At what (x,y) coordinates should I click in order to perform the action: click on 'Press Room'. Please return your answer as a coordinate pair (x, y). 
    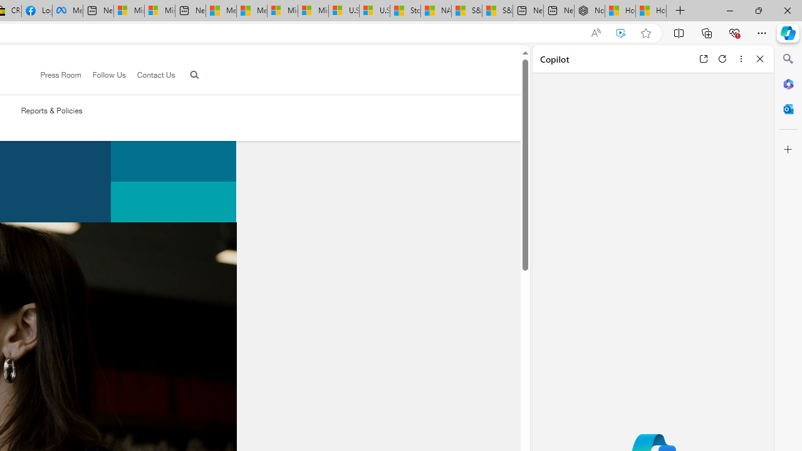
    Looking at the image, I should click on (60, 75).